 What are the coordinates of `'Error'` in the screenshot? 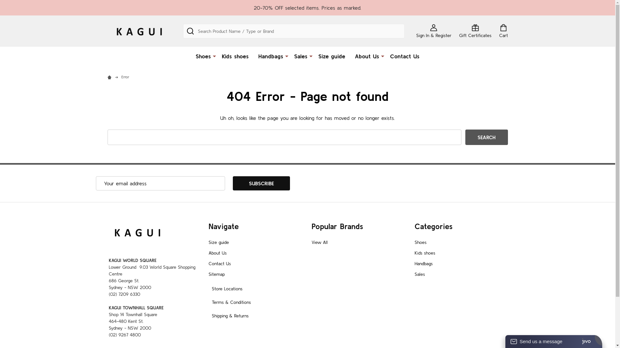 It's located at (125, 76).